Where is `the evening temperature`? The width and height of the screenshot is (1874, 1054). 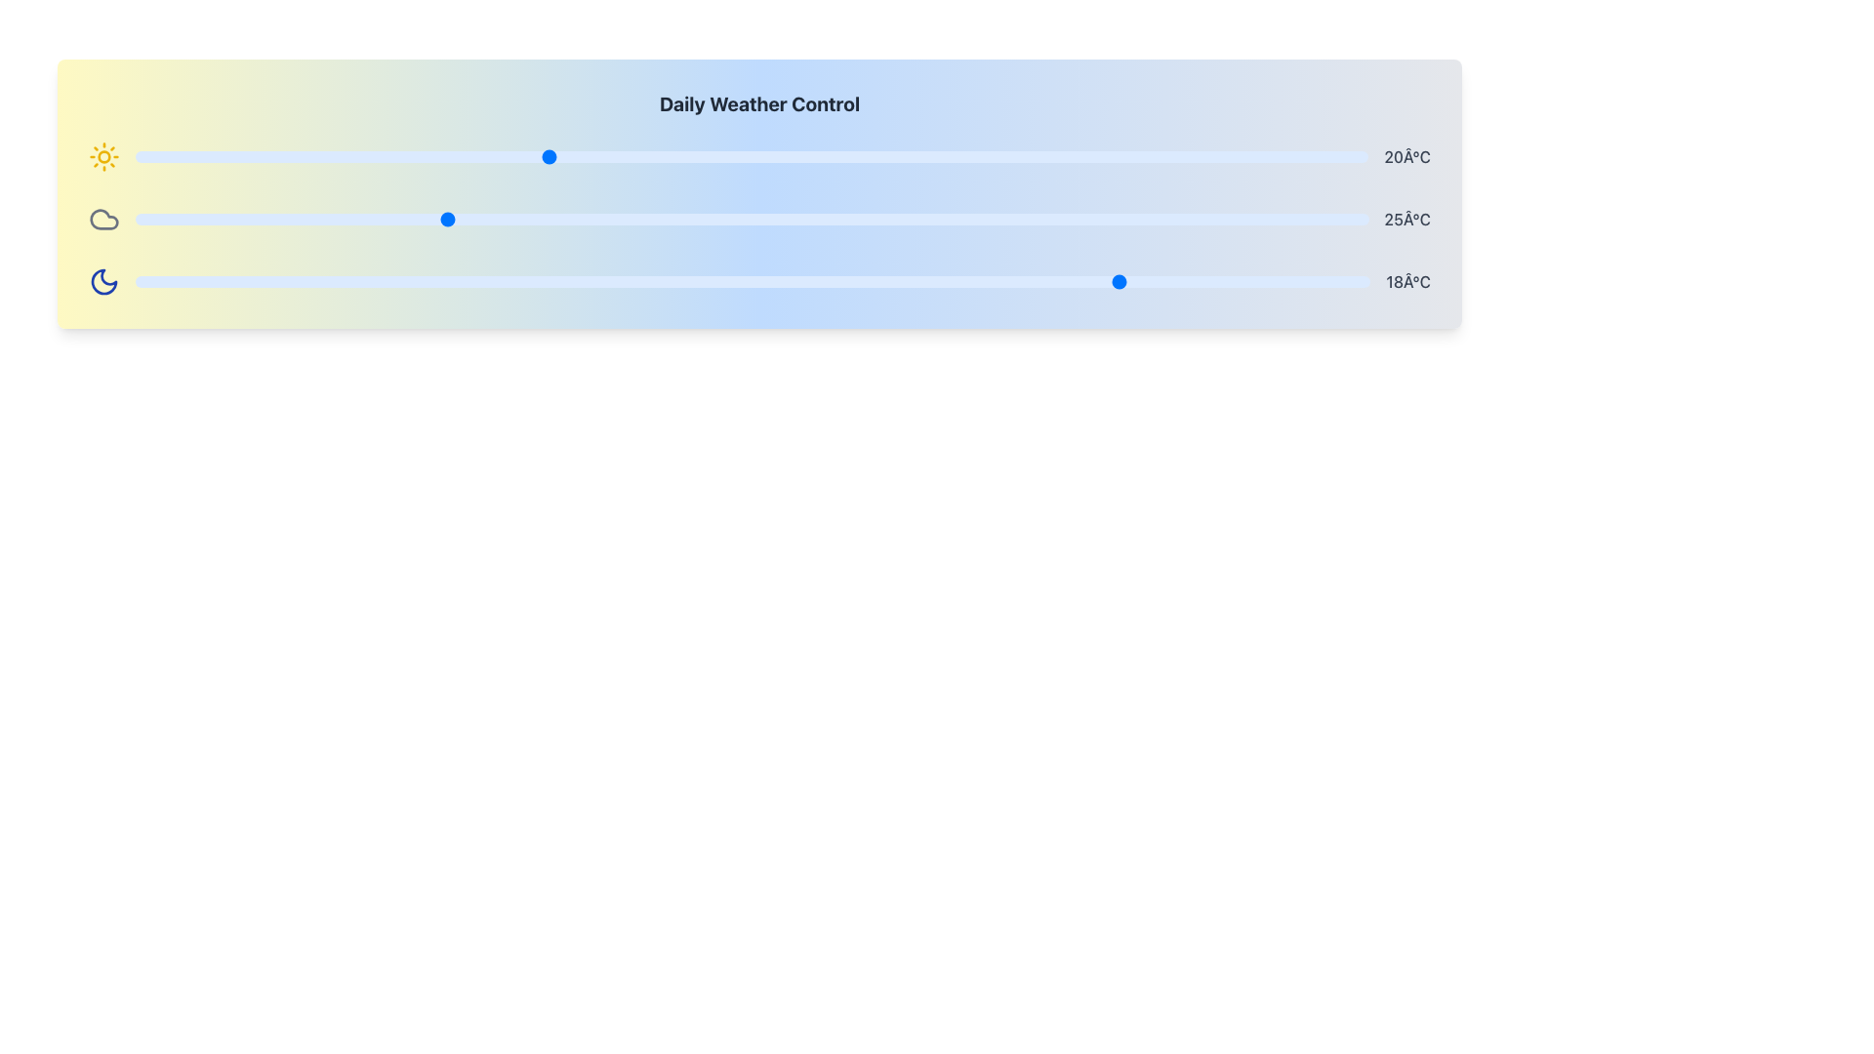
the evening temperature is located at coordinates (875, 282).